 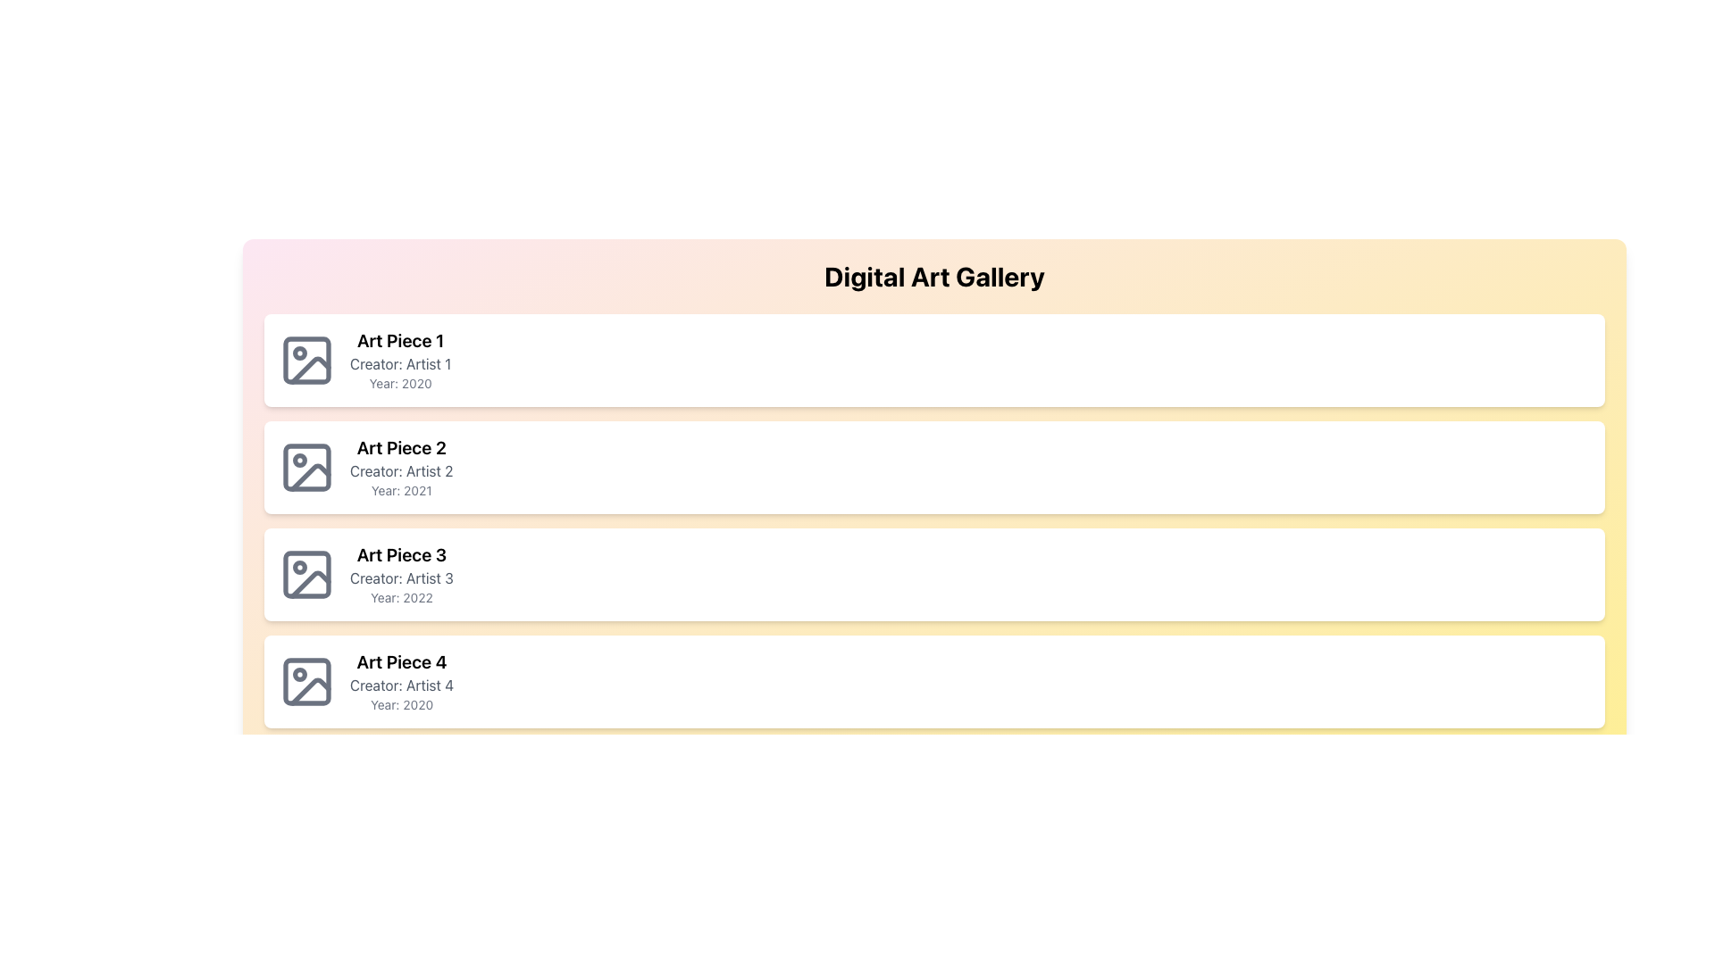 What do you see at coordinates (307, 361) in the screenshot?
I see `the decorative inner rectangle of the image icon in the 'Art Piece 1' section, located at the top-left corner next to the text 'Art Piece 1'` at bounding box center [307, 361].